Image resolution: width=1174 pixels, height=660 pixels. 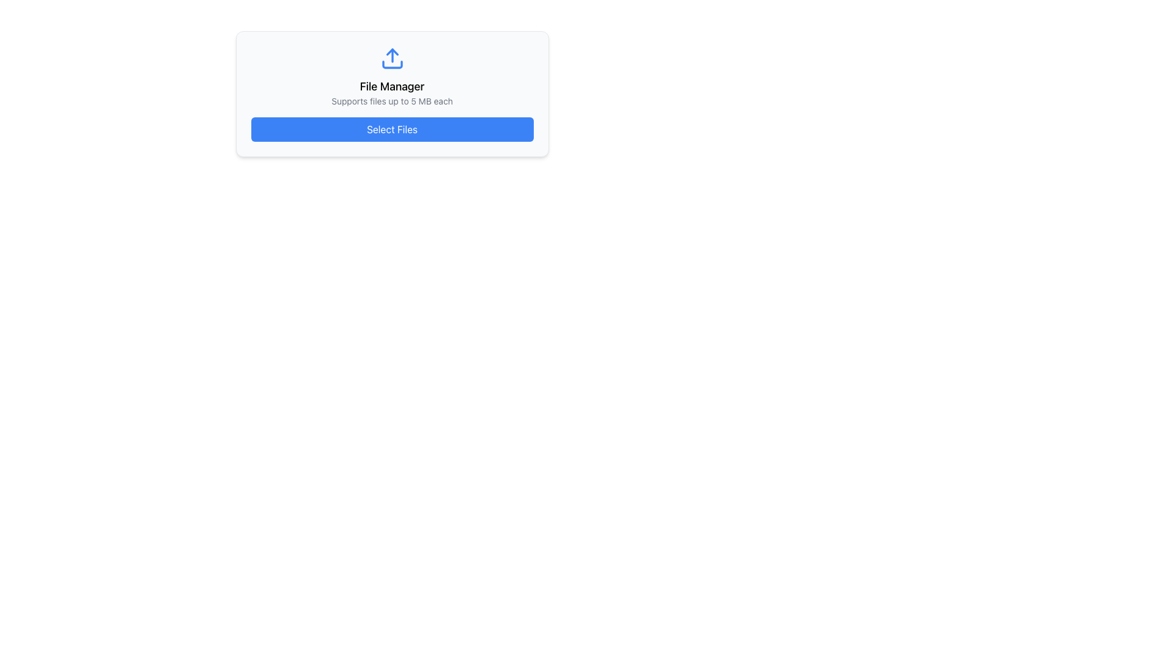 What do you see at coordinates (392, 51) in the screenshot?
I see `the triangular upload icon located at the center-top of the SVG upload interface` at bounding box center [392, 51].